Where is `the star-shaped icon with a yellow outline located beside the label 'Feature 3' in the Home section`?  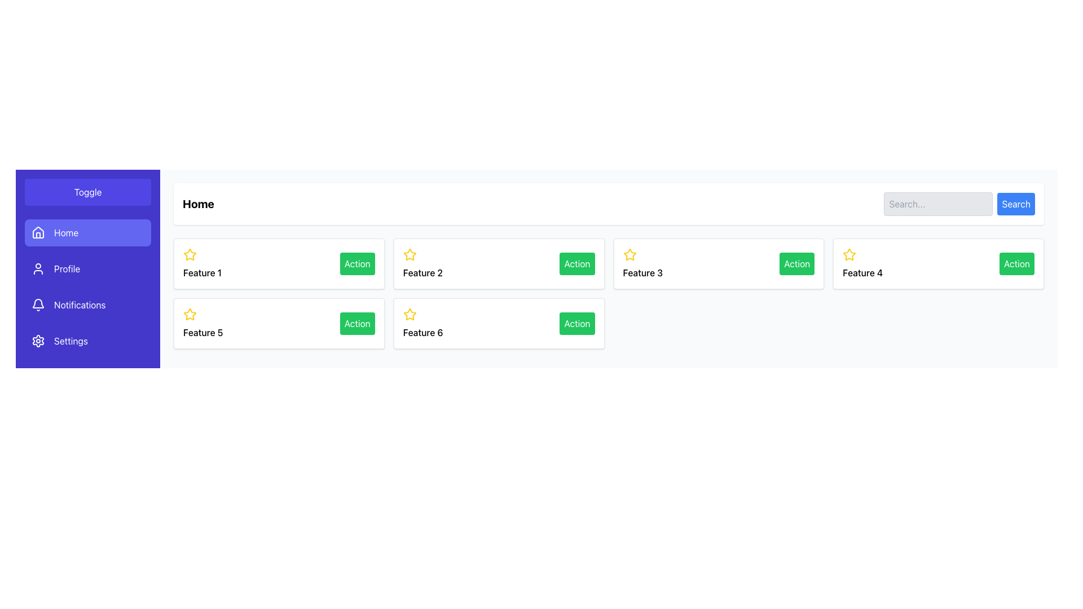
the star-shaped icon with a yellow outline located beside the label 'Feature 3' in the Home section is located at coordinates (629, 254).